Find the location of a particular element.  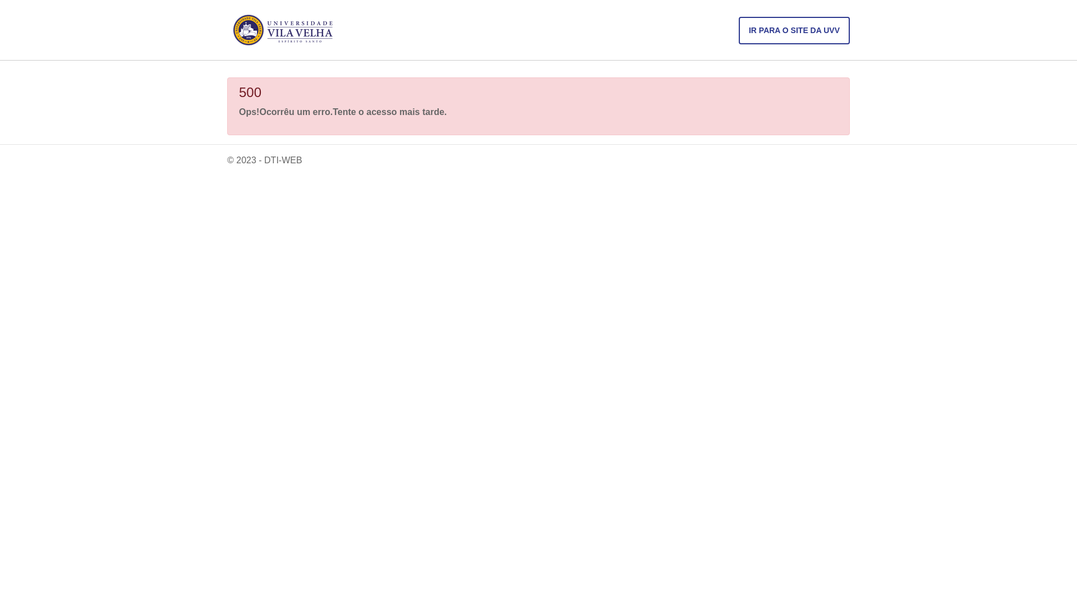

'IR PARA O SITE DA UVV' is located at coordinates (738, 30).